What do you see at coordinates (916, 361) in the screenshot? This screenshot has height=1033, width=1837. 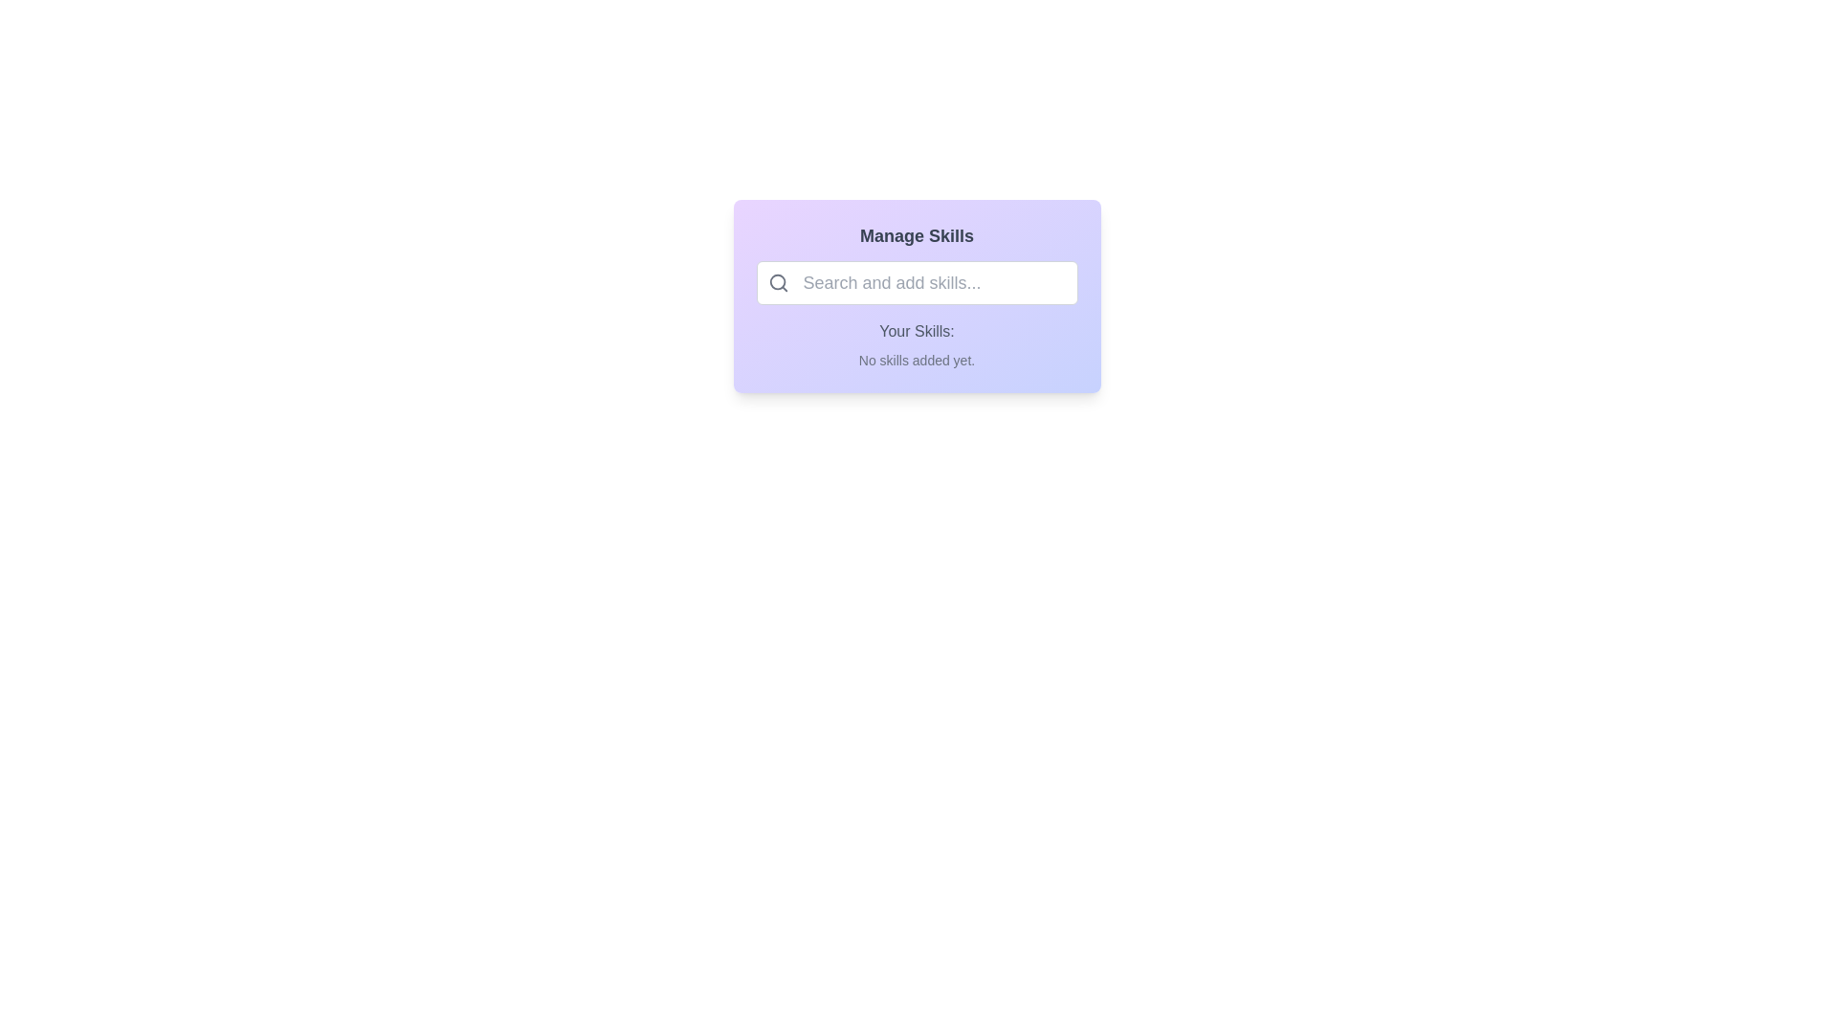 I see `the informational text label that says 'No skills added yet.' located below the 'Your Skills:' label in the skill management section` at bounding box center [916, 361].